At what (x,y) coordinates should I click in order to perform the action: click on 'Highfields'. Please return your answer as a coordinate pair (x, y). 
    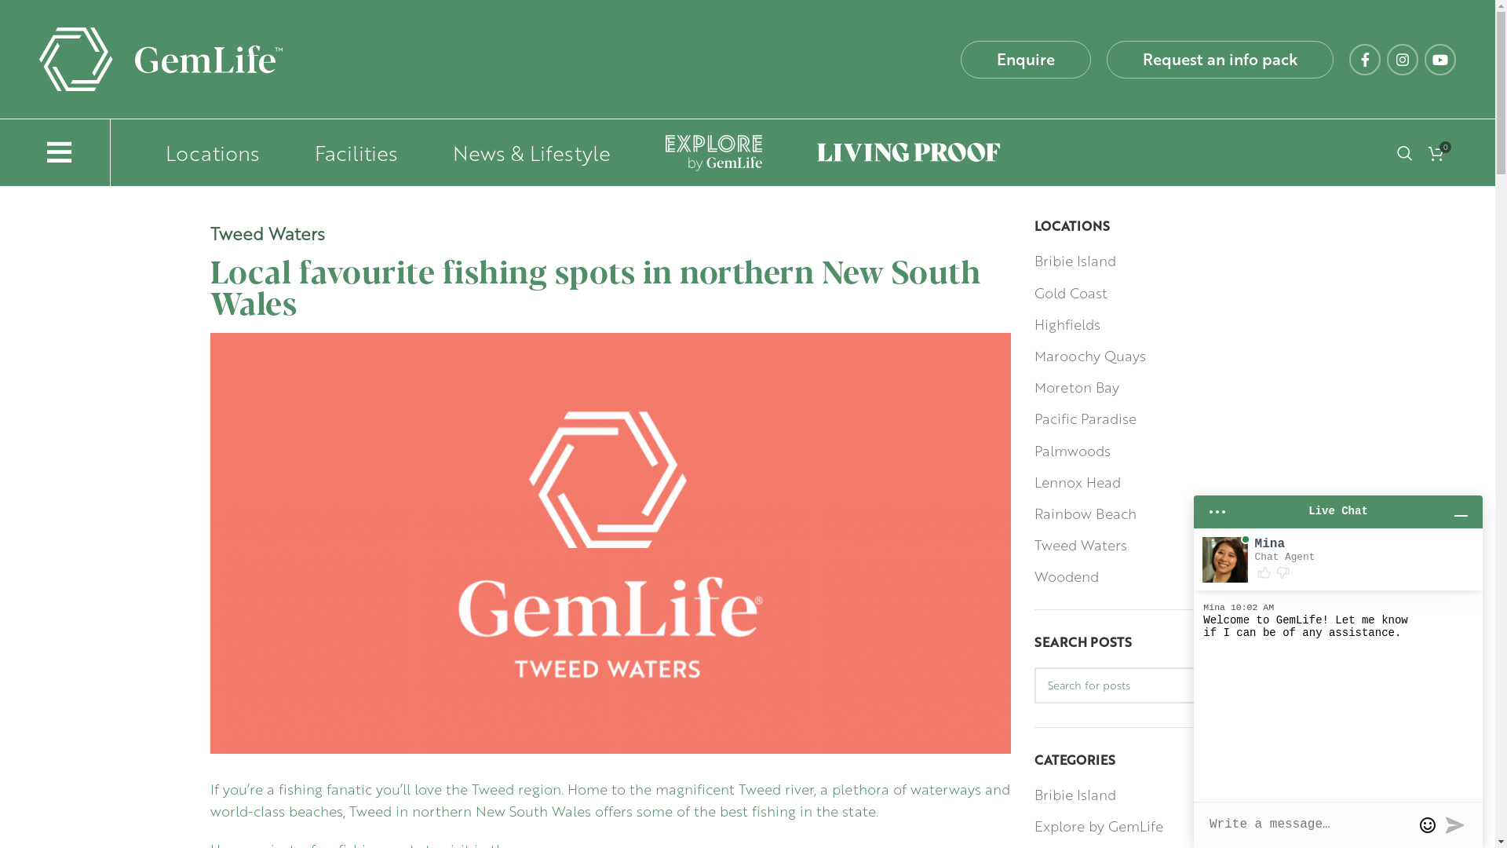
    Looking at the image, I should click on (1067, 323).